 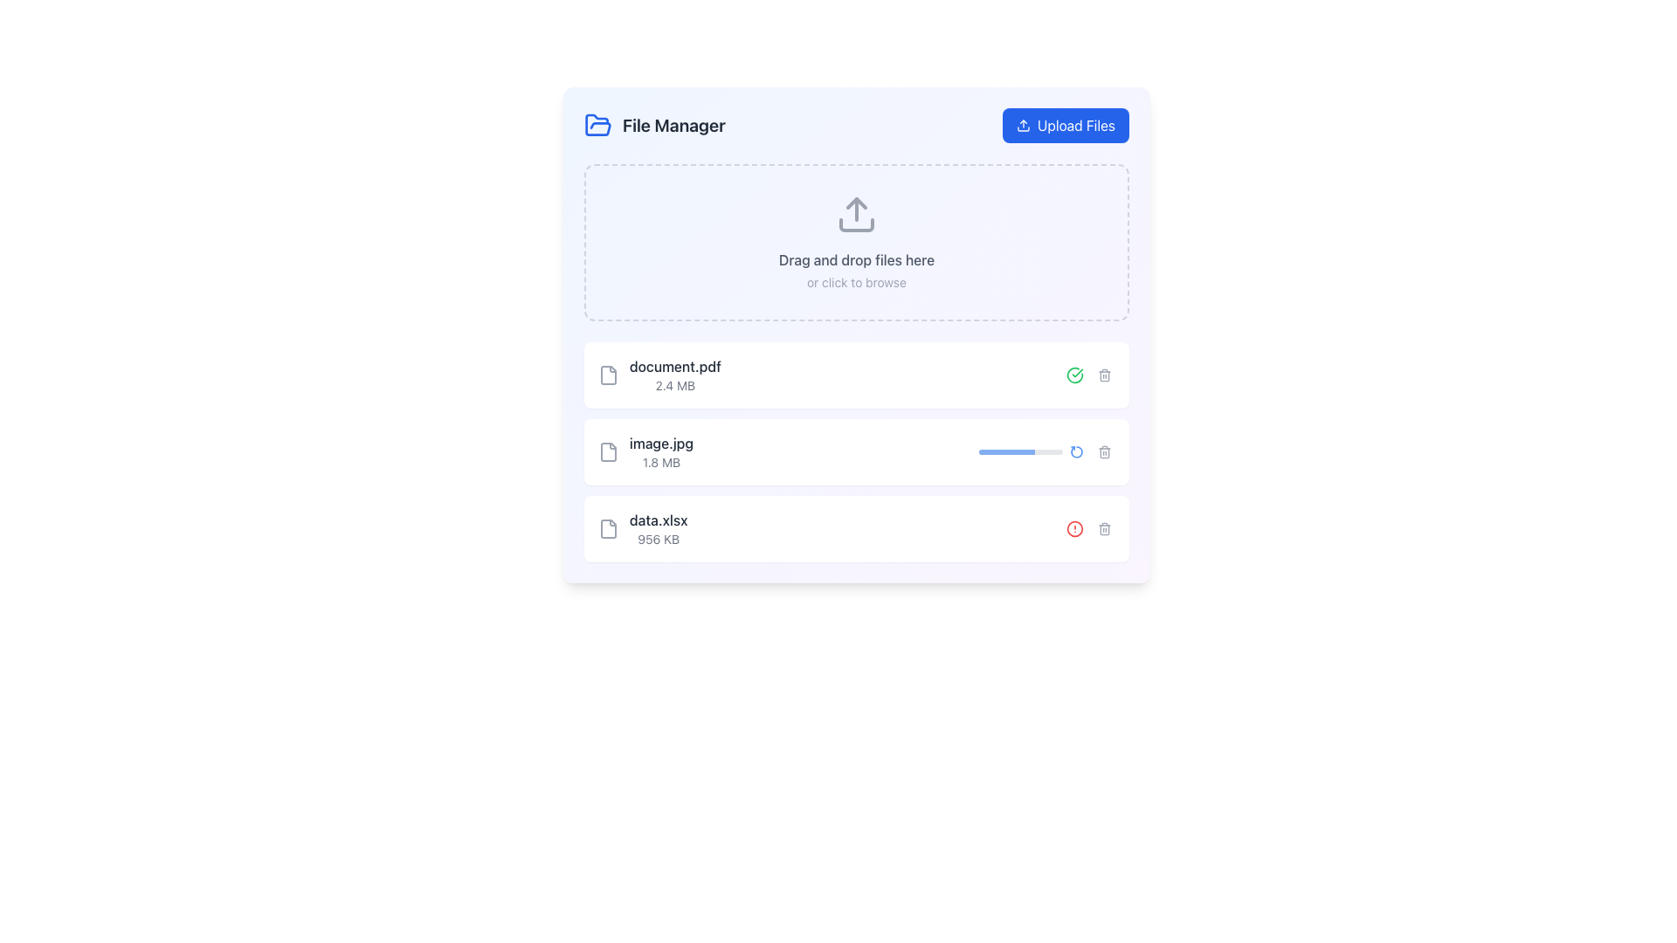 What do you see at coordinates (608, 451) in the screenshot?
I see `file icon representing 'image.jpg 1.8 MB' in the file manager interface by clicking on it` at bounding box center [608, 451].